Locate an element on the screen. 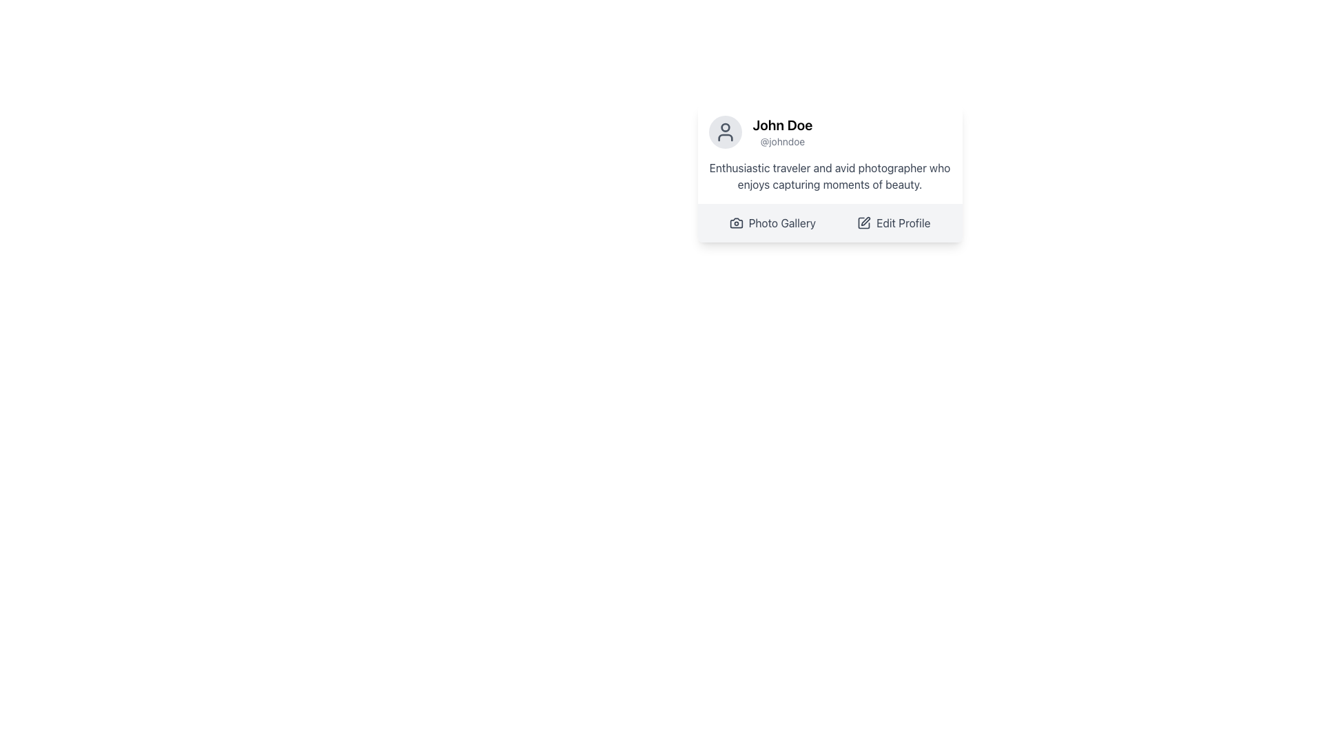  the camera icon located to the left of the 'Photo Gallery' text label, which features a clean and modern outline design is located at coordinates (735, 223).